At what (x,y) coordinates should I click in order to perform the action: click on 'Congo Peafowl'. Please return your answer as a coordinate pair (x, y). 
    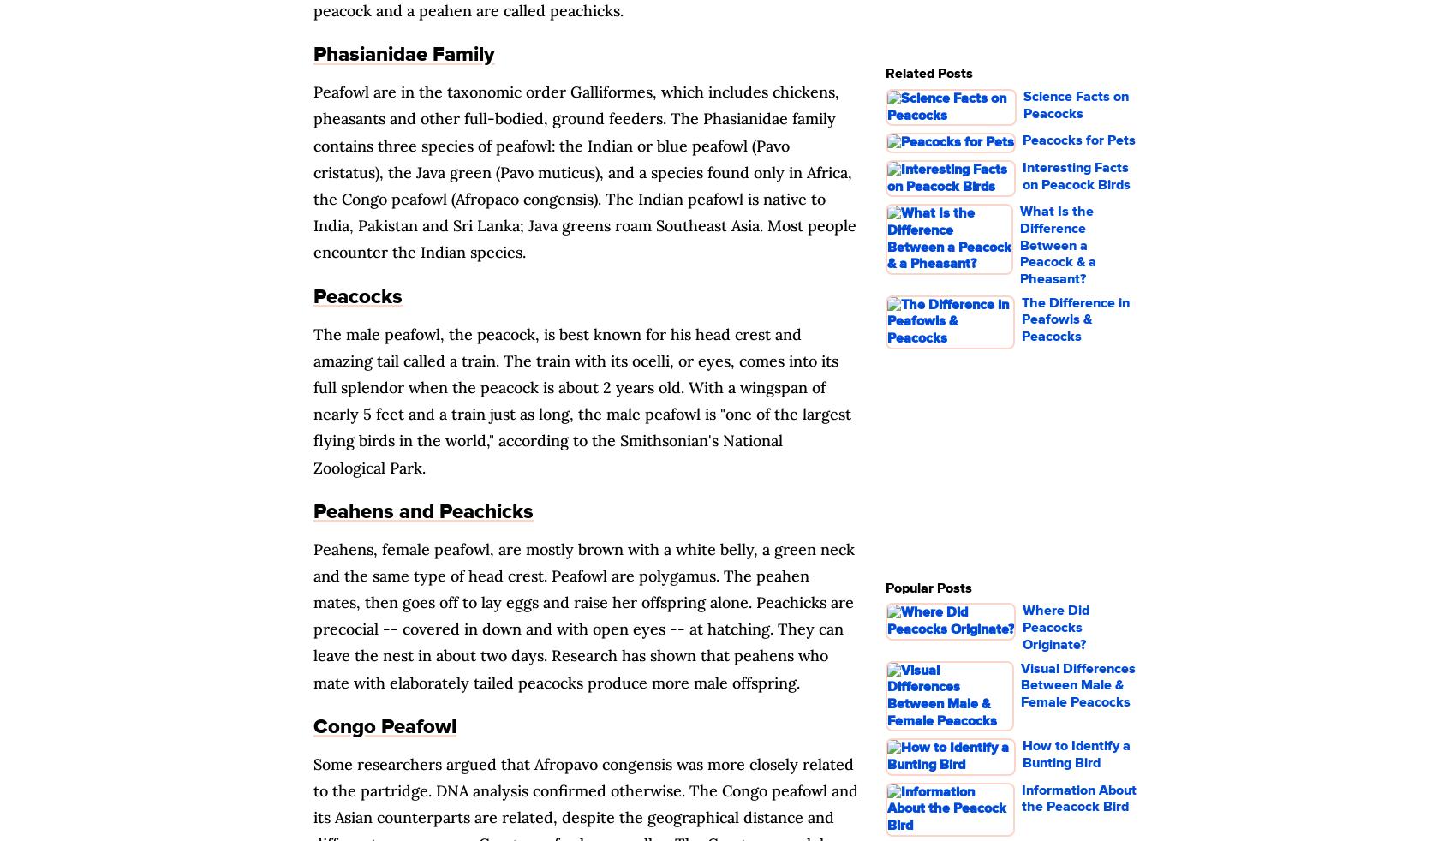
    Looking at the image, I should click on (385, 725).